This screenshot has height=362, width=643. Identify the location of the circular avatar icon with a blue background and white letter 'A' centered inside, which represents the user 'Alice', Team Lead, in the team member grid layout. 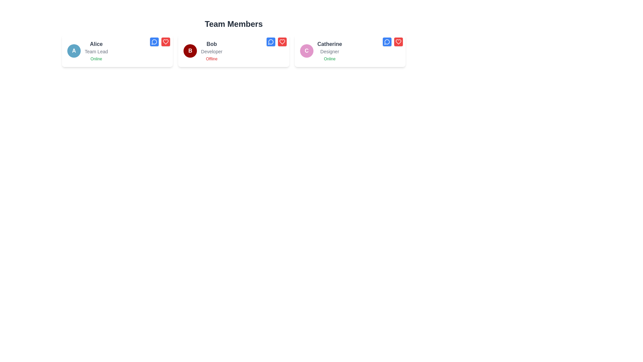
(74, 50).